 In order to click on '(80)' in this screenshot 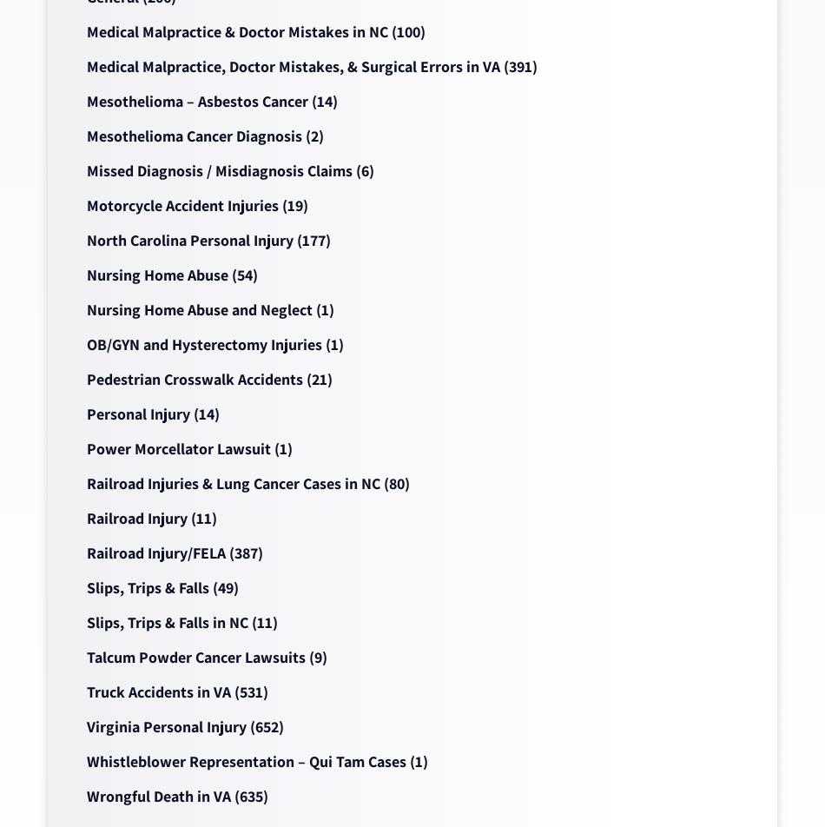, I will do `click(393, 483)`.